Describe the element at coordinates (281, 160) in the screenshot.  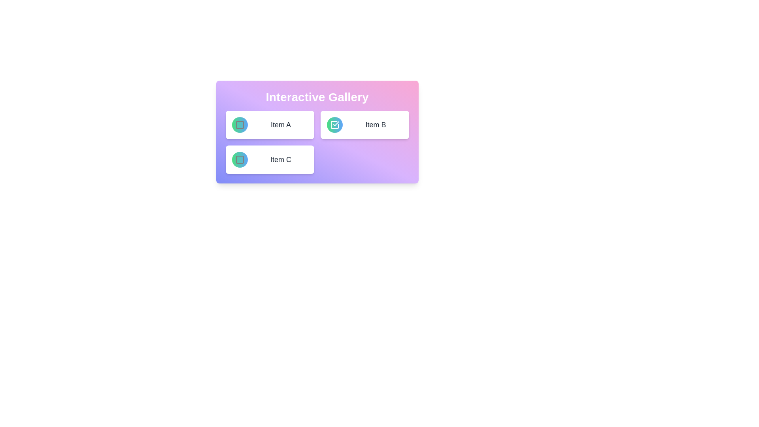
I see `the Text label for 'Item C', which is positioned in the second row of the gallery layout, right-aligned next to a circular icon` at that location.